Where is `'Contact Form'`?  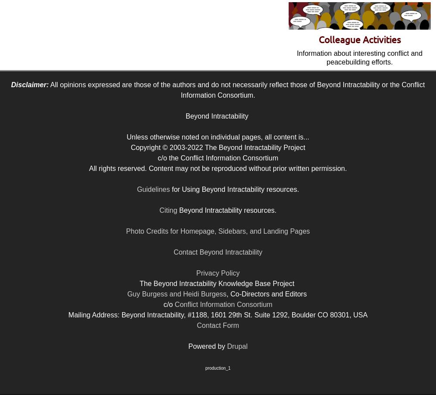
'Contact Form' is located at coordinates (217, 325).